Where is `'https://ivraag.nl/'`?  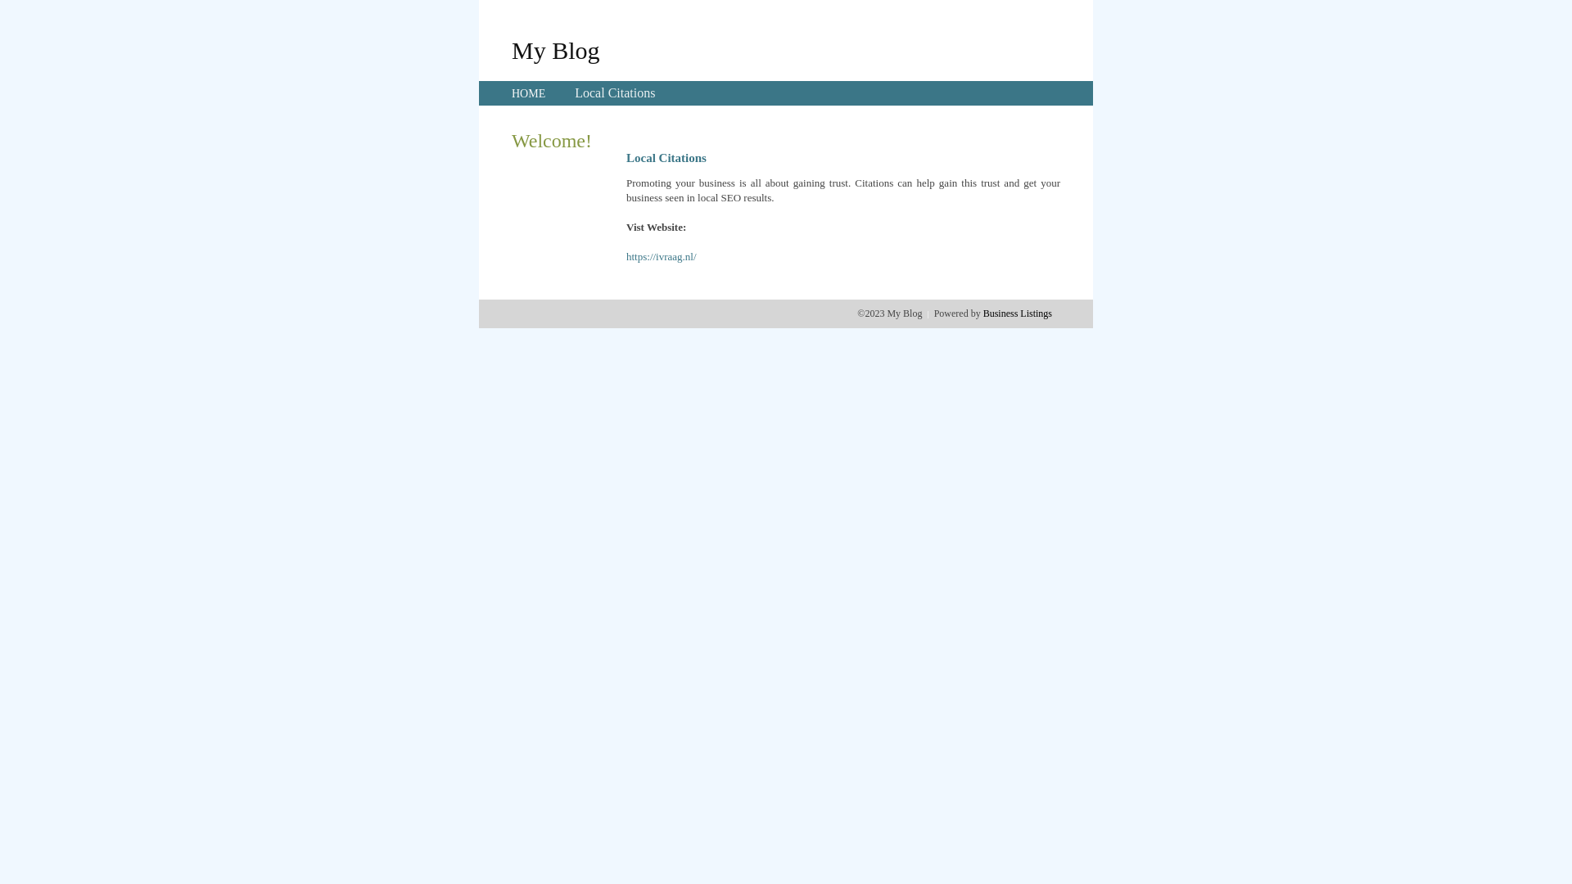
'https://ivraag.nl/' is located at coordinates (625, 256).